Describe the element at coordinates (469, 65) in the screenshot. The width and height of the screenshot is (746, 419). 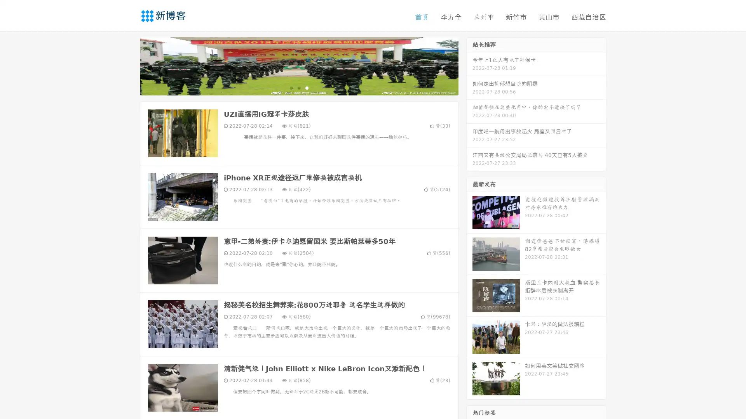
I see `Next slide` at that location.